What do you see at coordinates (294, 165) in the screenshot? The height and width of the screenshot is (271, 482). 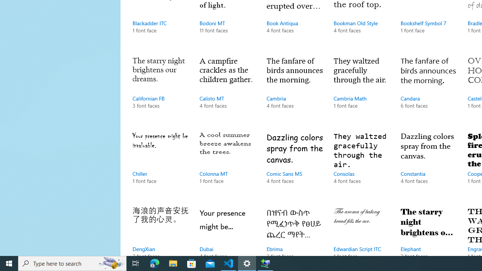 I see `'Comic Sans MS, 4 font faces'` at bounding box center [294, 165].